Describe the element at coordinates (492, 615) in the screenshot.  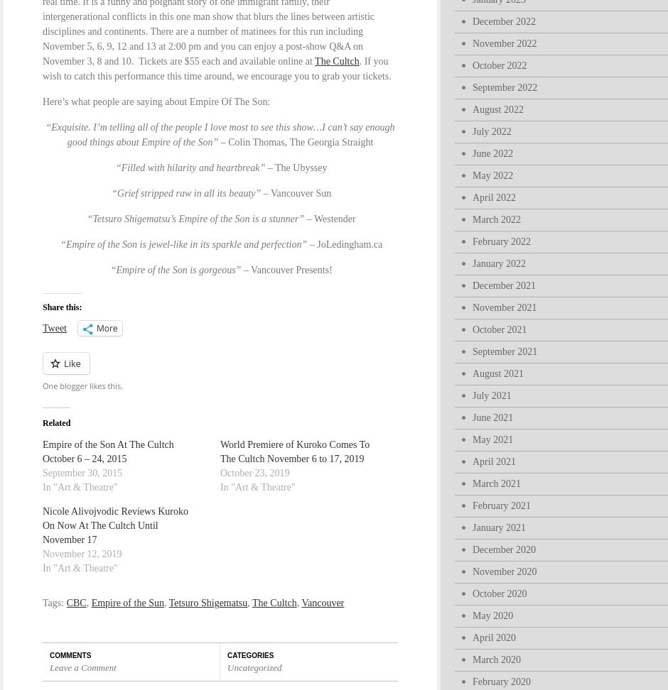
I see `'May 2020'` at that location.